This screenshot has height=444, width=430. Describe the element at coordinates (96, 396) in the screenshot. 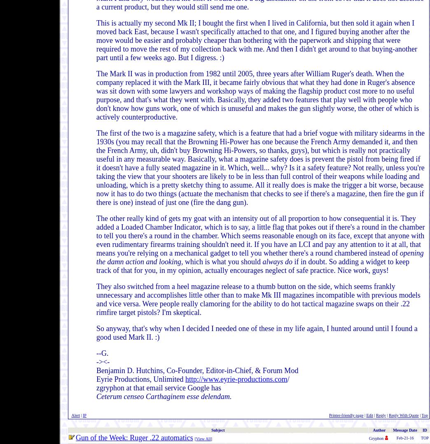

I see `'Ceterum censeo Carthaginem esse delendam.'` at that location.